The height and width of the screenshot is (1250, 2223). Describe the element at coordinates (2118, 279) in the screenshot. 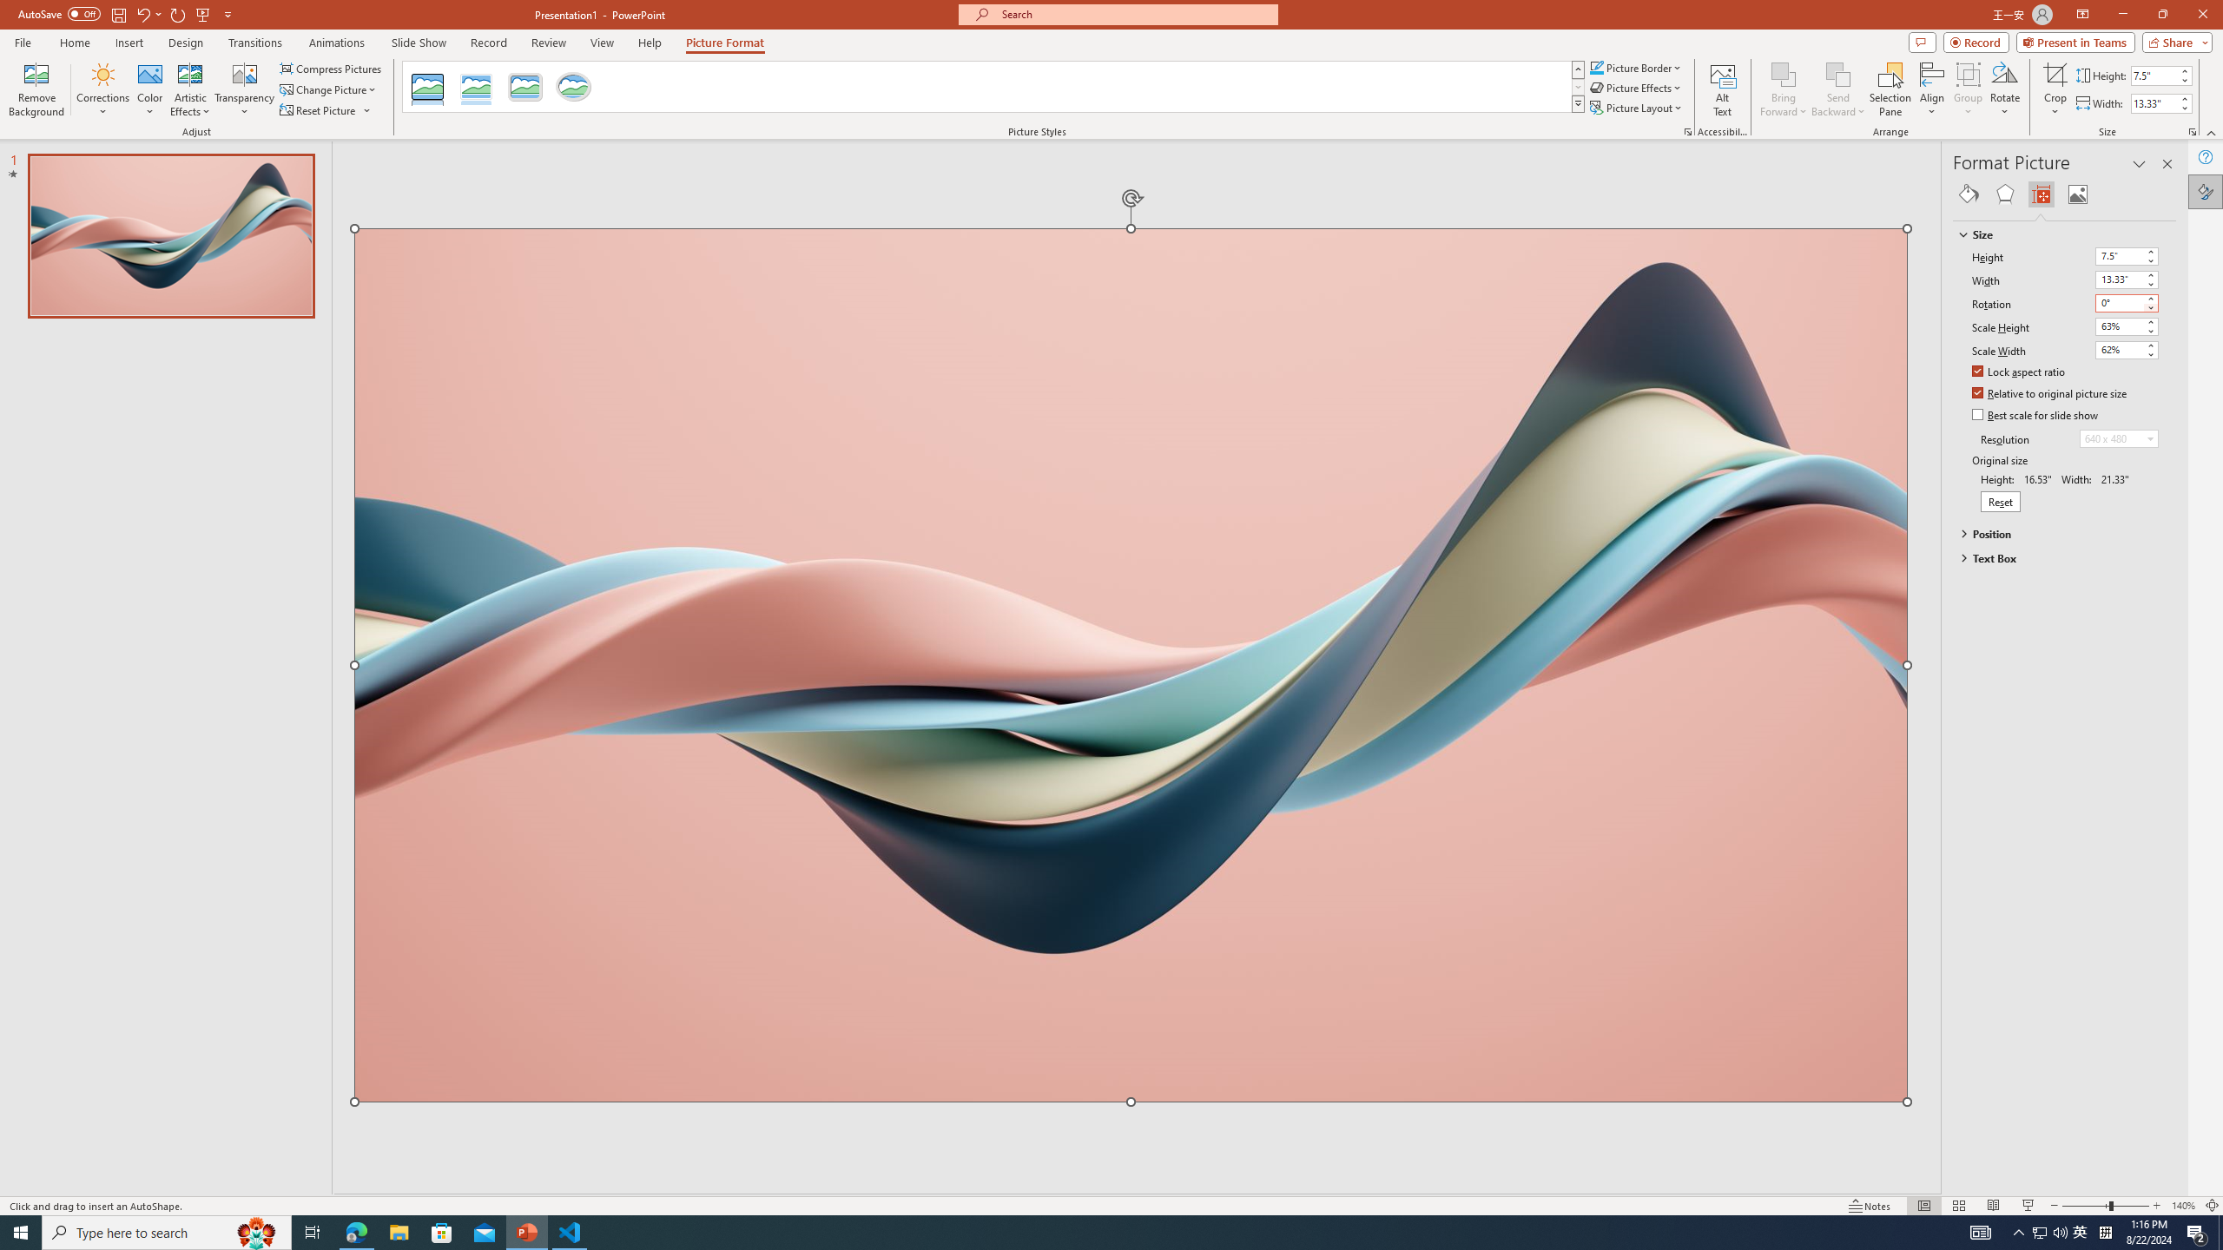

I see `'Width'` at that location.